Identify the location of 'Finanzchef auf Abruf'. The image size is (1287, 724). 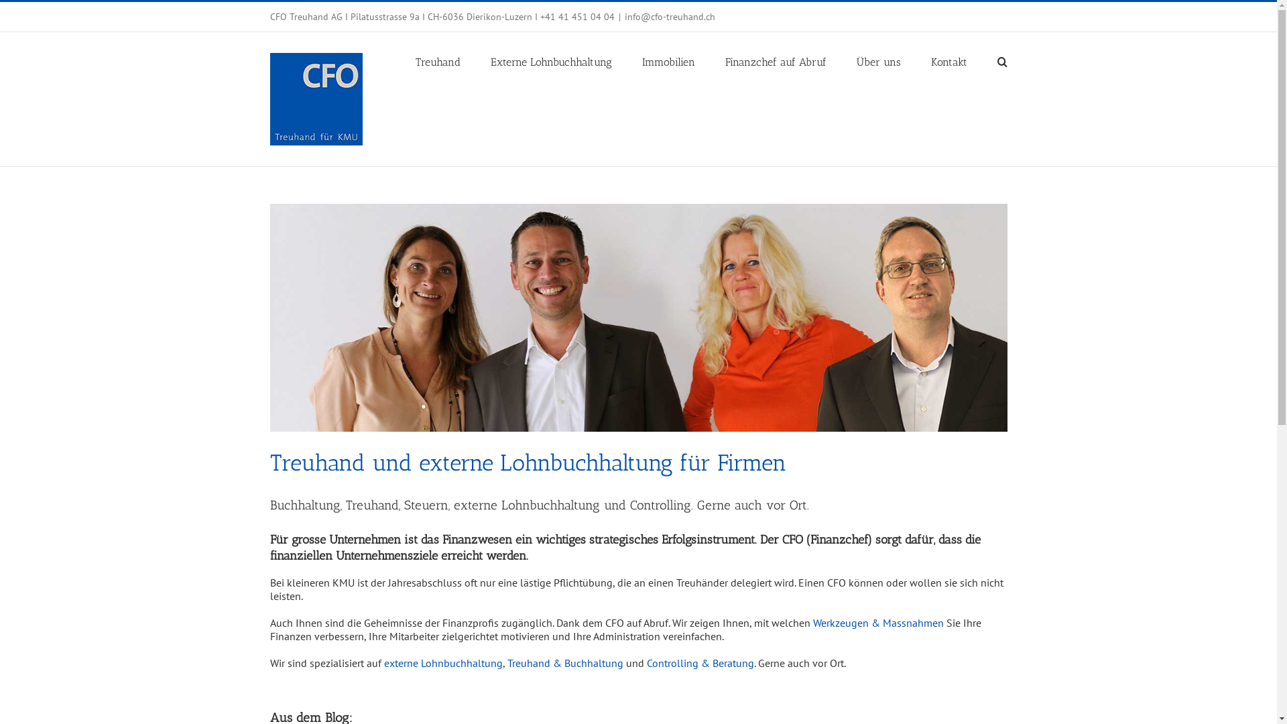
(776, 61).